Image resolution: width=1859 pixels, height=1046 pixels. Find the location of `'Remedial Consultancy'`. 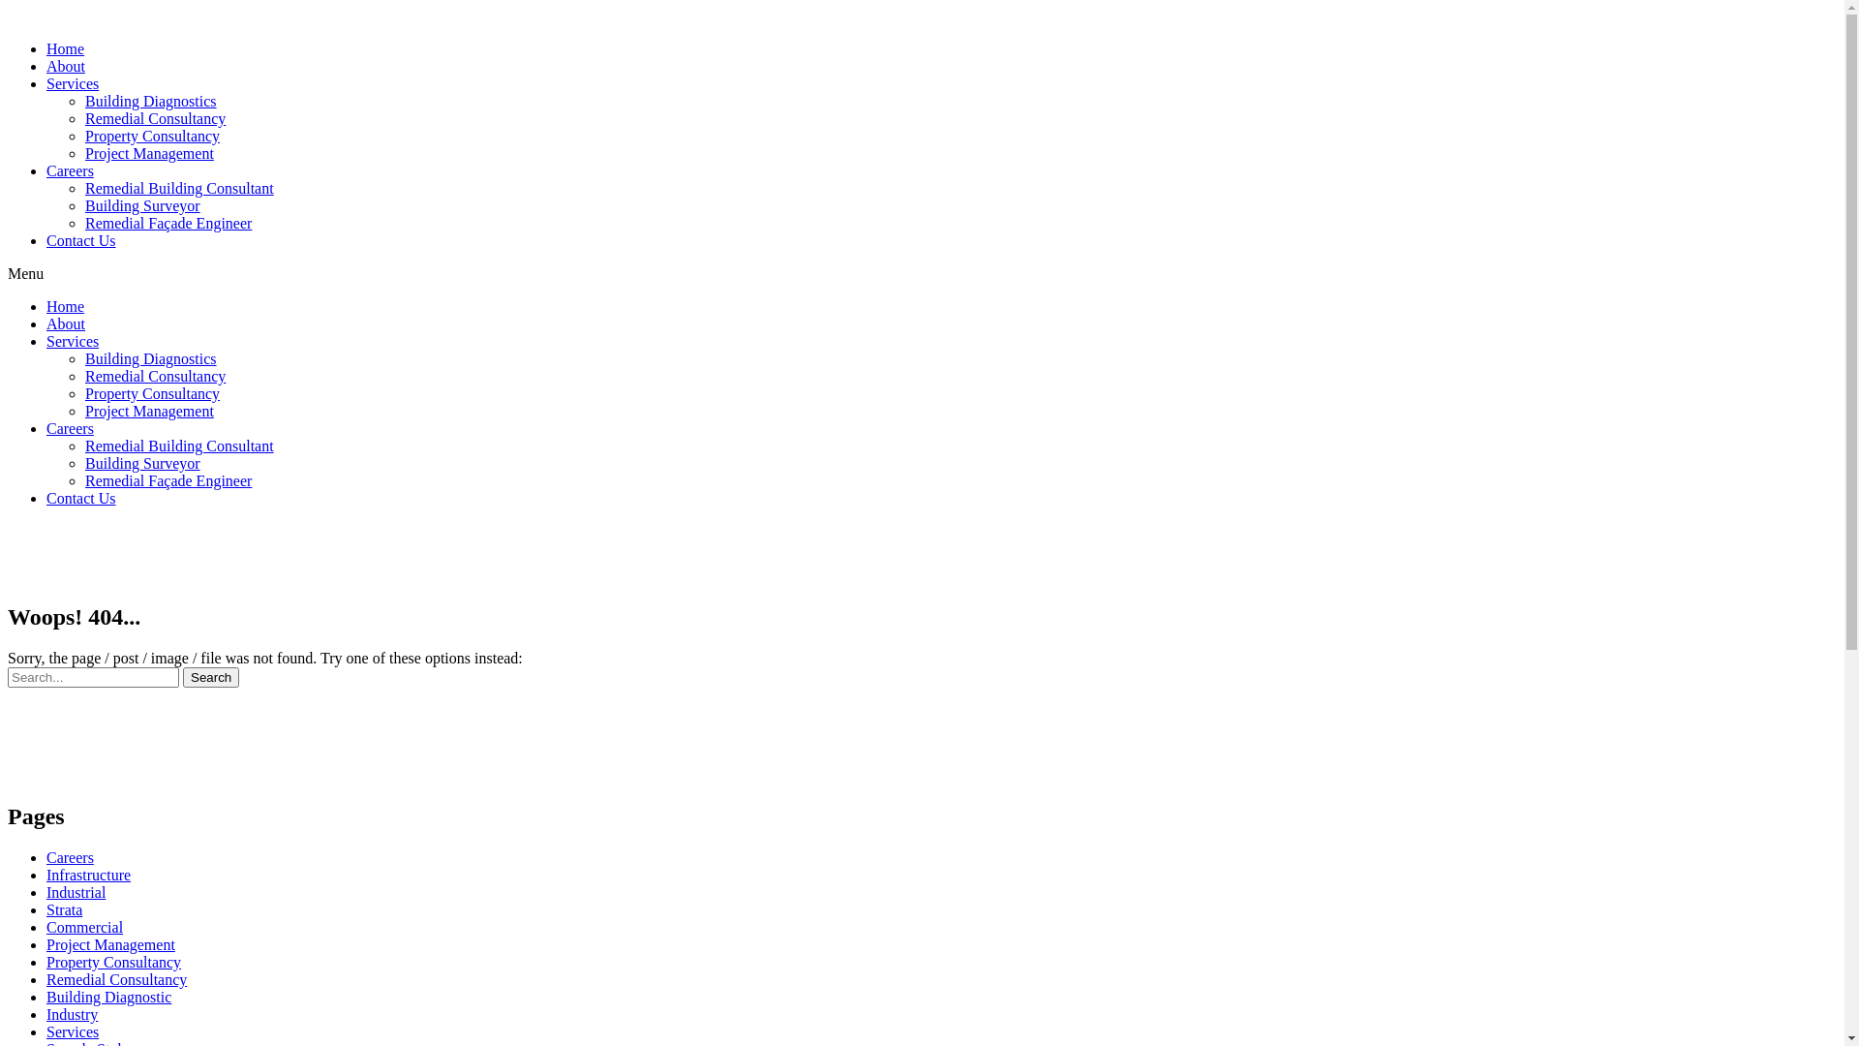

'Remedial Consultancy' is located at coordinates (155, 118).